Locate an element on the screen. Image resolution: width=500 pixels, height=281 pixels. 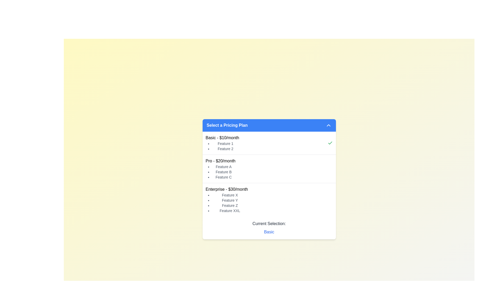
the first bullet point in the 'Enterprise - $30/month' section of the pricing plan selection box, which displays the name of a feature is located at coordinates (229, 195).